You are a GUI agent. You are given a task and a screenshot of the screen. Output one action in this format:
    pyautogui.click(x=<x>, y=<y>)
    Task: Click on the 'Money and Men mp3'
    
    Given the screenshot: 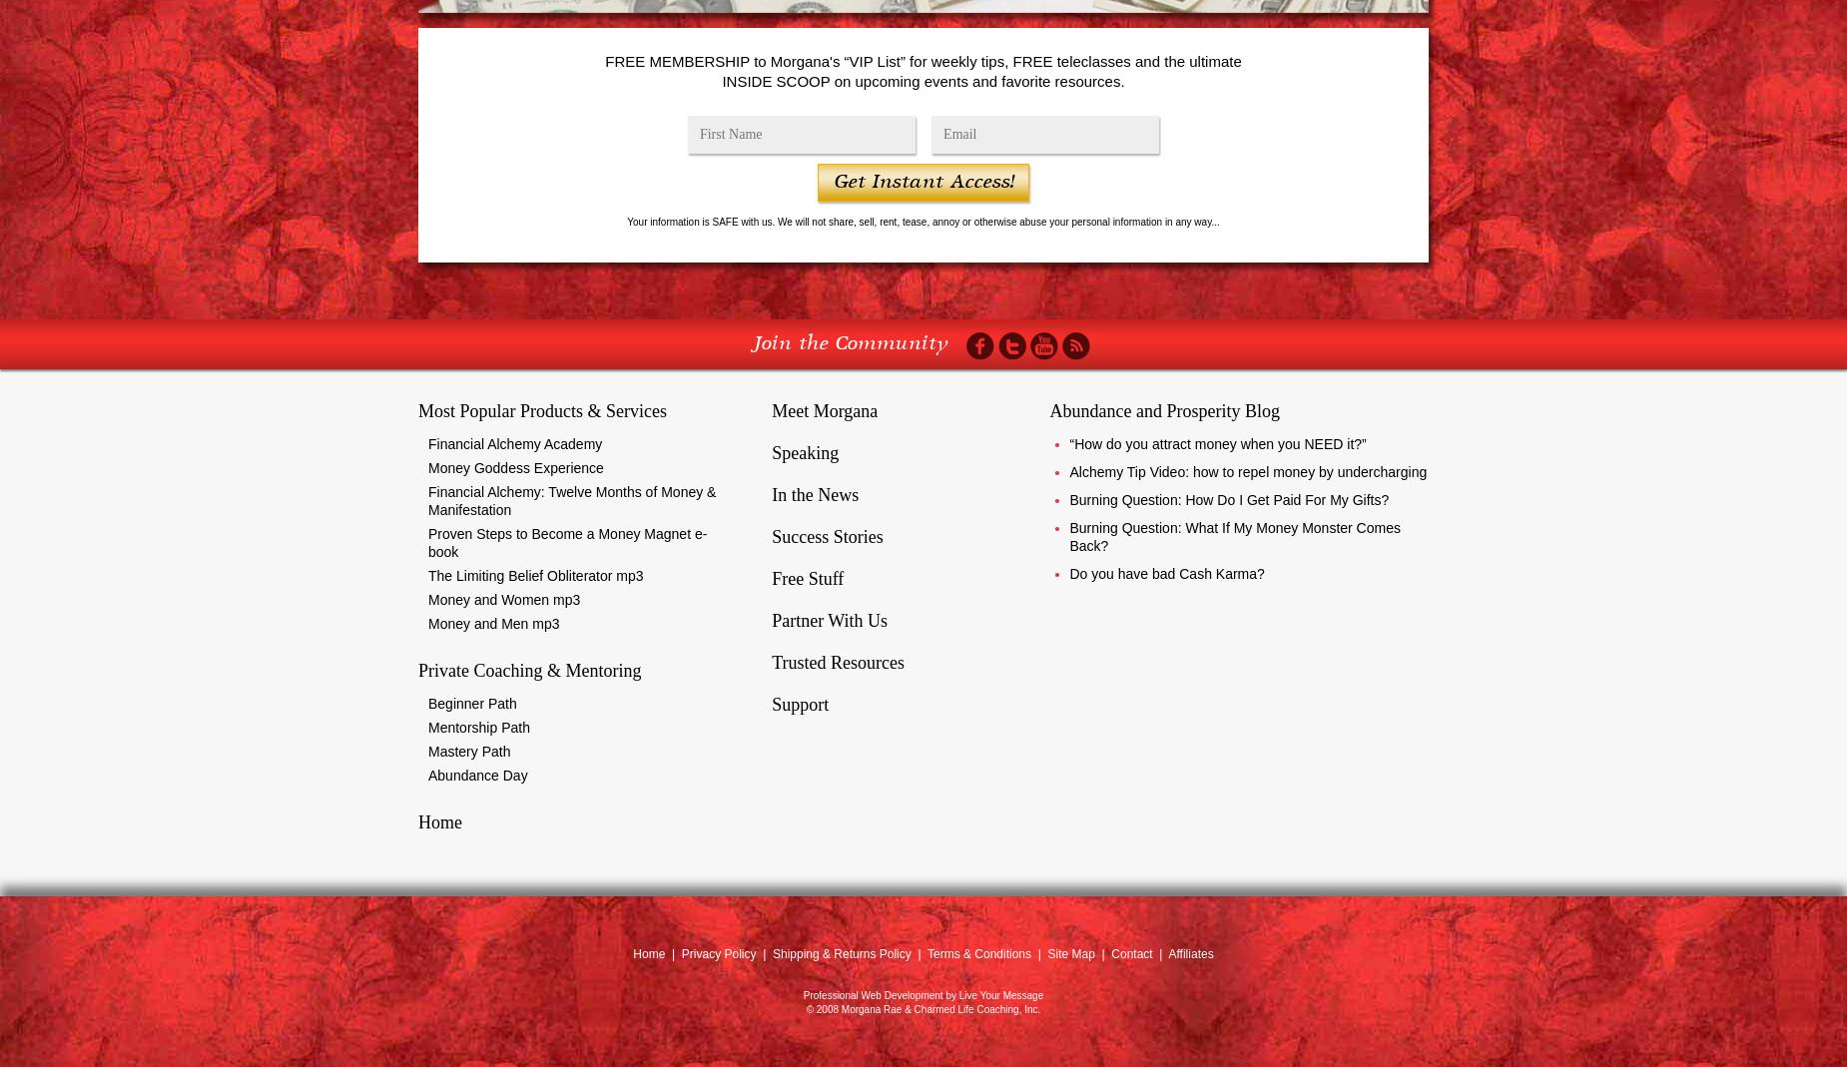 What is the action you would take?
    pyautogui.click(x=493, y=624)
    